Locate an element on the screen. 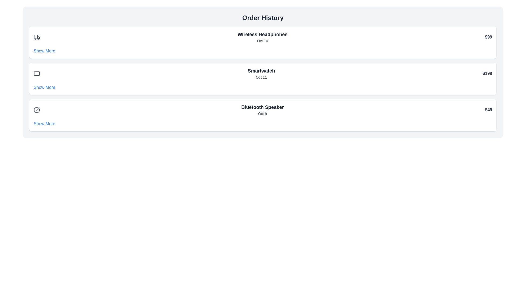  the third order entry in the user's order history, which displays the name, date, and price of the item, located between 'Smartwatch' and the 'Show More' button is located at coordinates (263, 110).